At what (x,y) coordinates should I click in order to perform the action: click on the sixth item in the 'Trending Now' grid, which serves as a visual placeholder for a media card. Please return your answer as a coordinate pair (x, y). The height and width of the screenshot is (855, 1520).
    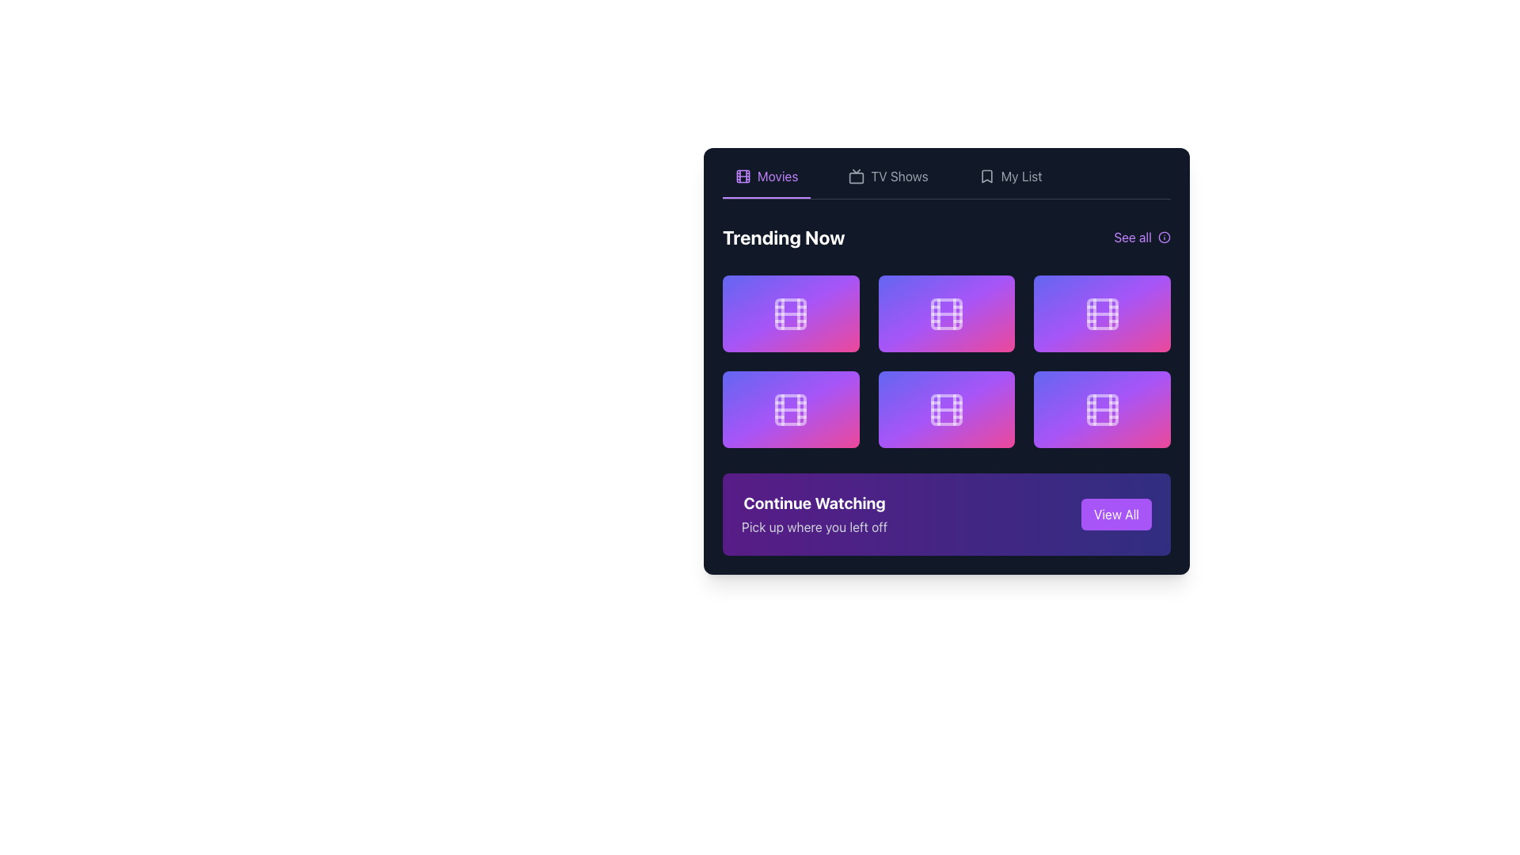
    Looking at the image, I should click on (1101, 313).